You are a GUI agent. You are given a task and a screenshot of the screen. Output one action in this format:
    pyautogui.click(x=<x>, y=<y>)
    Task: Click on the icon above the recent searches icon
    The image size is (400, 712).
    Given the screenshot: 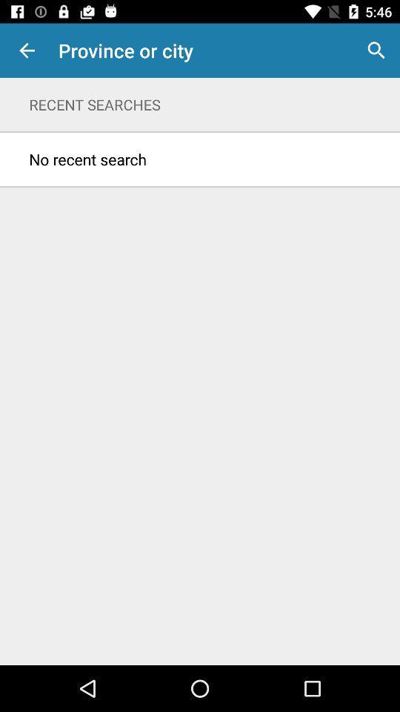 What is the action you would take?
    pyautogui.click(x=27, y=50)
    